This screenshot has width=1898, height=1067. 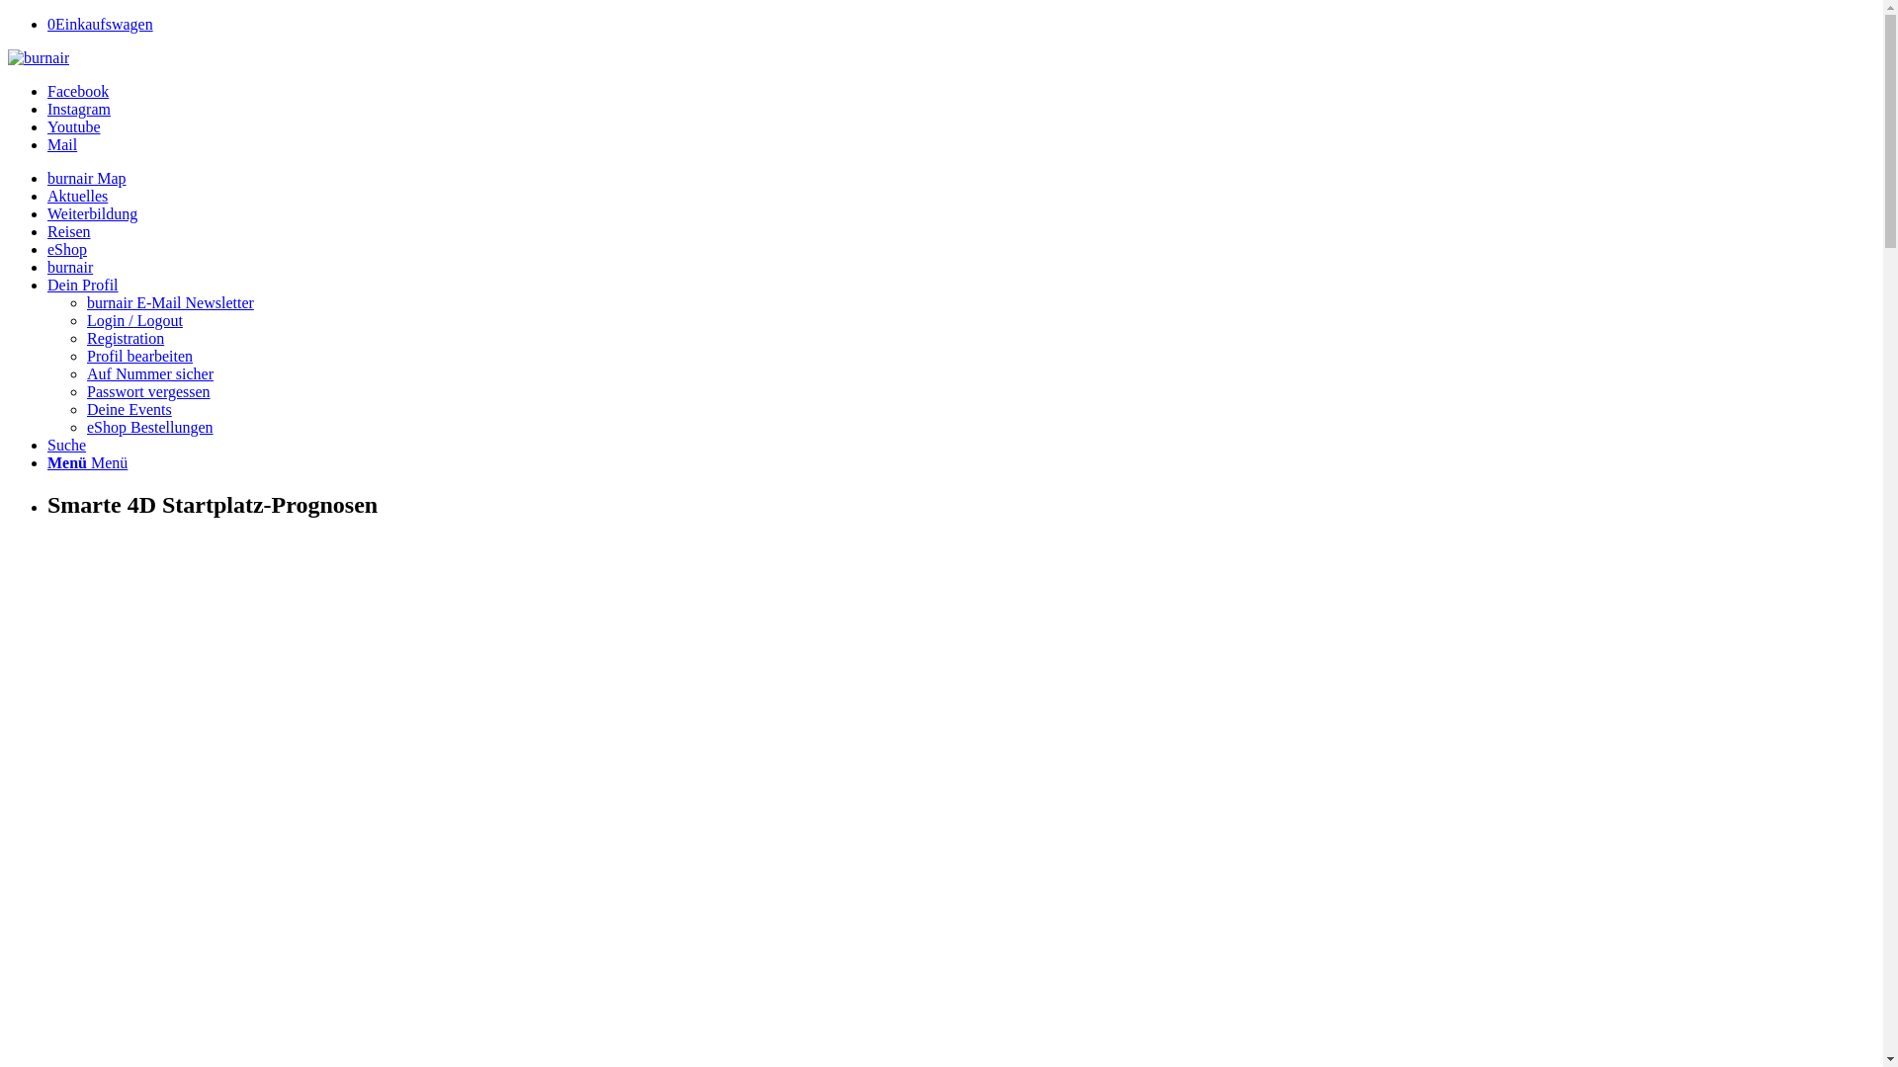 What do you see at coordinates (74, 126) in the screenshot?
I see `'Youtube'` at bounding box center [74, 126].